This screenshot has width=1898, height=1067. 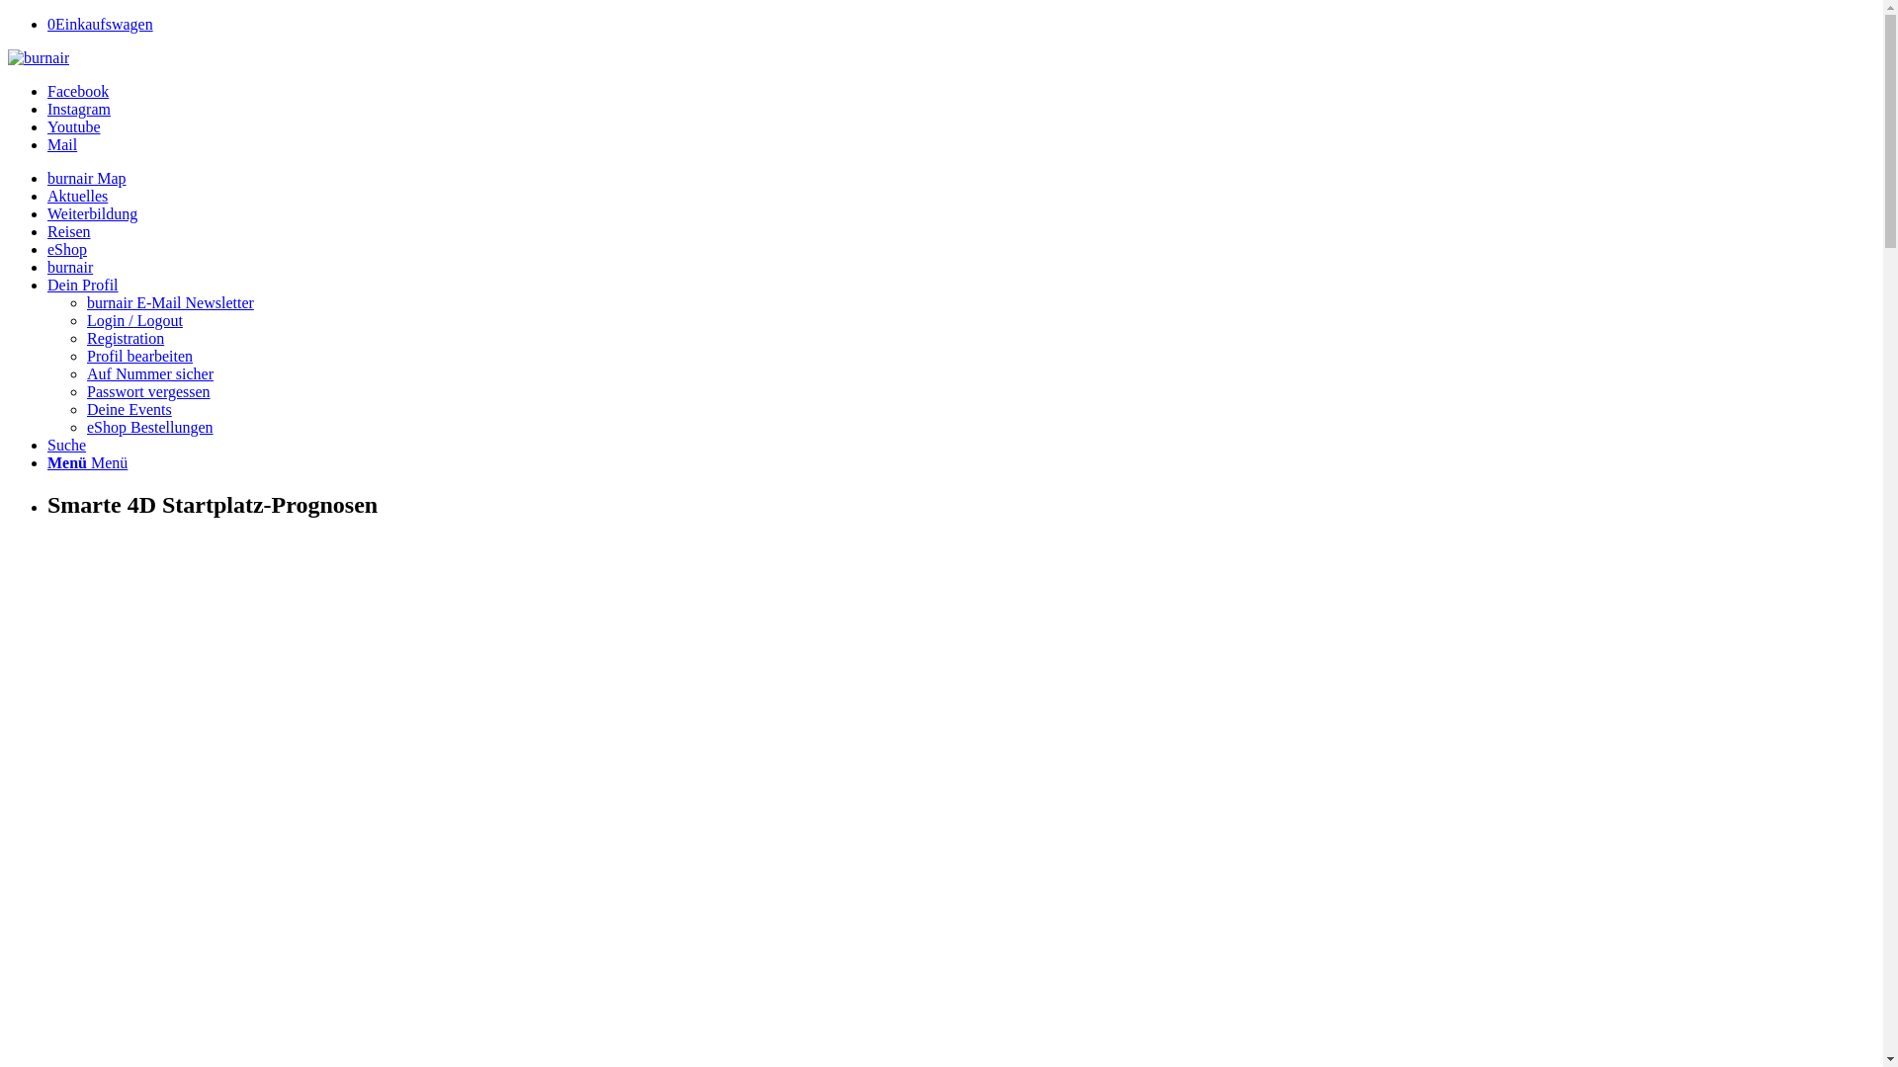 What do you see at coordinates (74, 126) in the screenshot?
I see `'Youtube'` at bounding box center [74, 126].